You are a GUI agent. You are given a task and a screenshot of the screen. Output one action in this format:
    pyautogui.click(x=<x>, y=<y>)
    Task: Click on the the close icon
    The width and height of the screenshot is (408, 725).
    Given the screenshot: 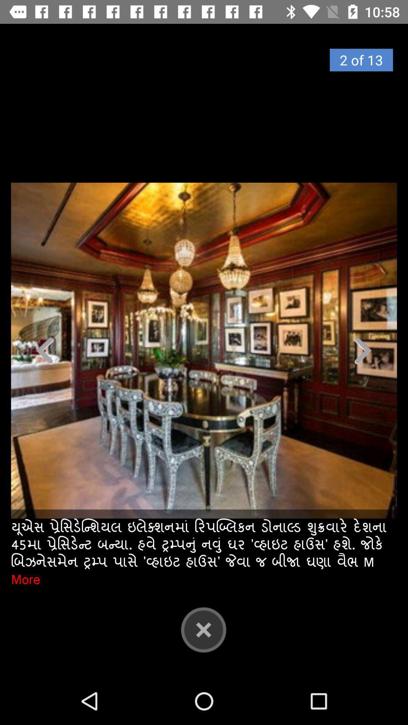 What is the action you would take?
    pyautogui.click(x=203, y=629)
    